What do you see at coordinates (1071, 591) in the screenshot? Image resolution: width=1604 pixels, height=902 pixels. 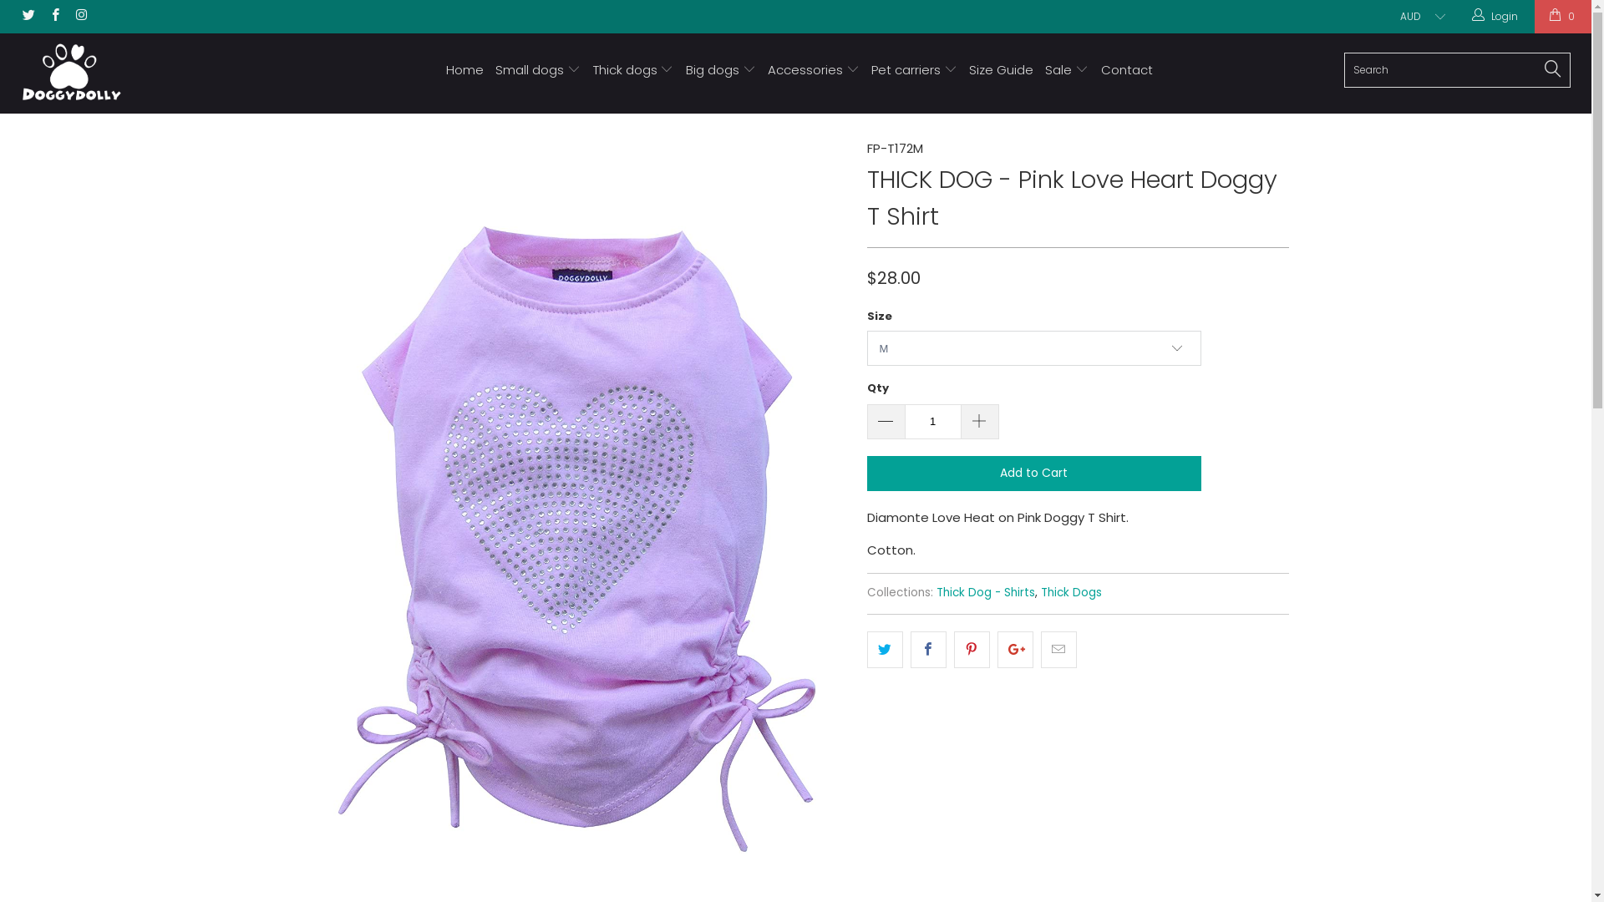 I see `'Thick Dogs'` at bounding box center [1071, 591].